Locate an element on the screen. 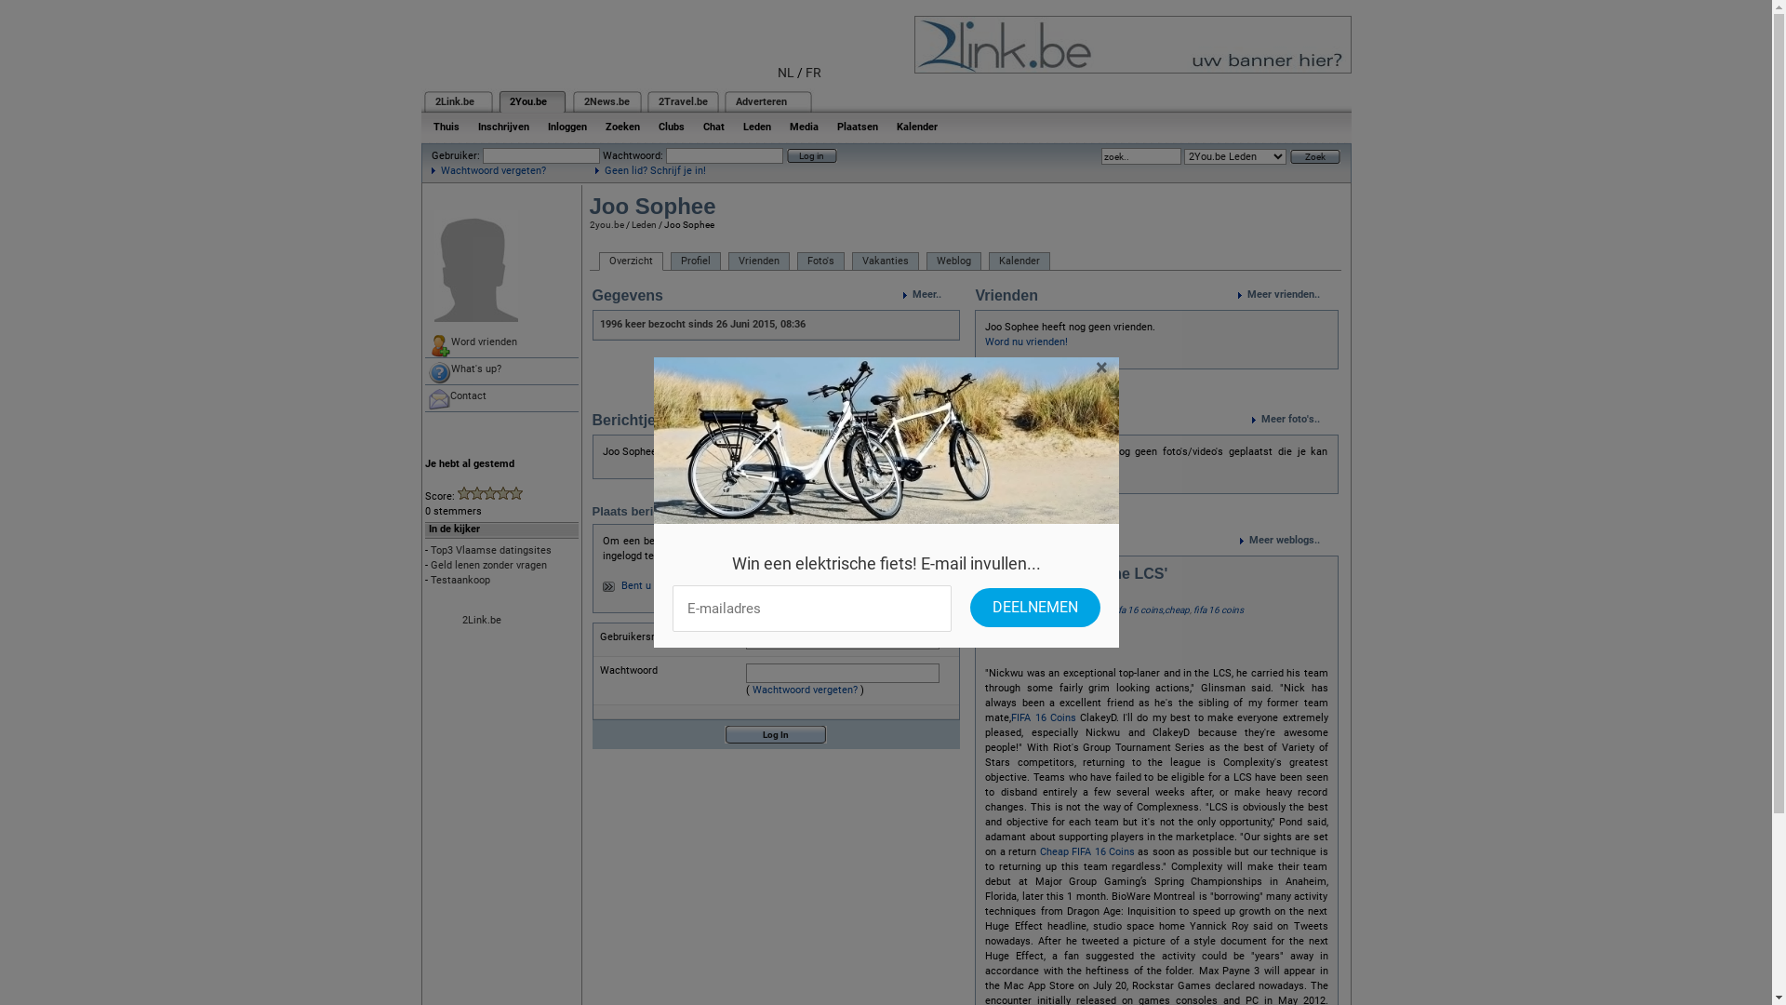  'NL' is located at coordinates (785, 71).